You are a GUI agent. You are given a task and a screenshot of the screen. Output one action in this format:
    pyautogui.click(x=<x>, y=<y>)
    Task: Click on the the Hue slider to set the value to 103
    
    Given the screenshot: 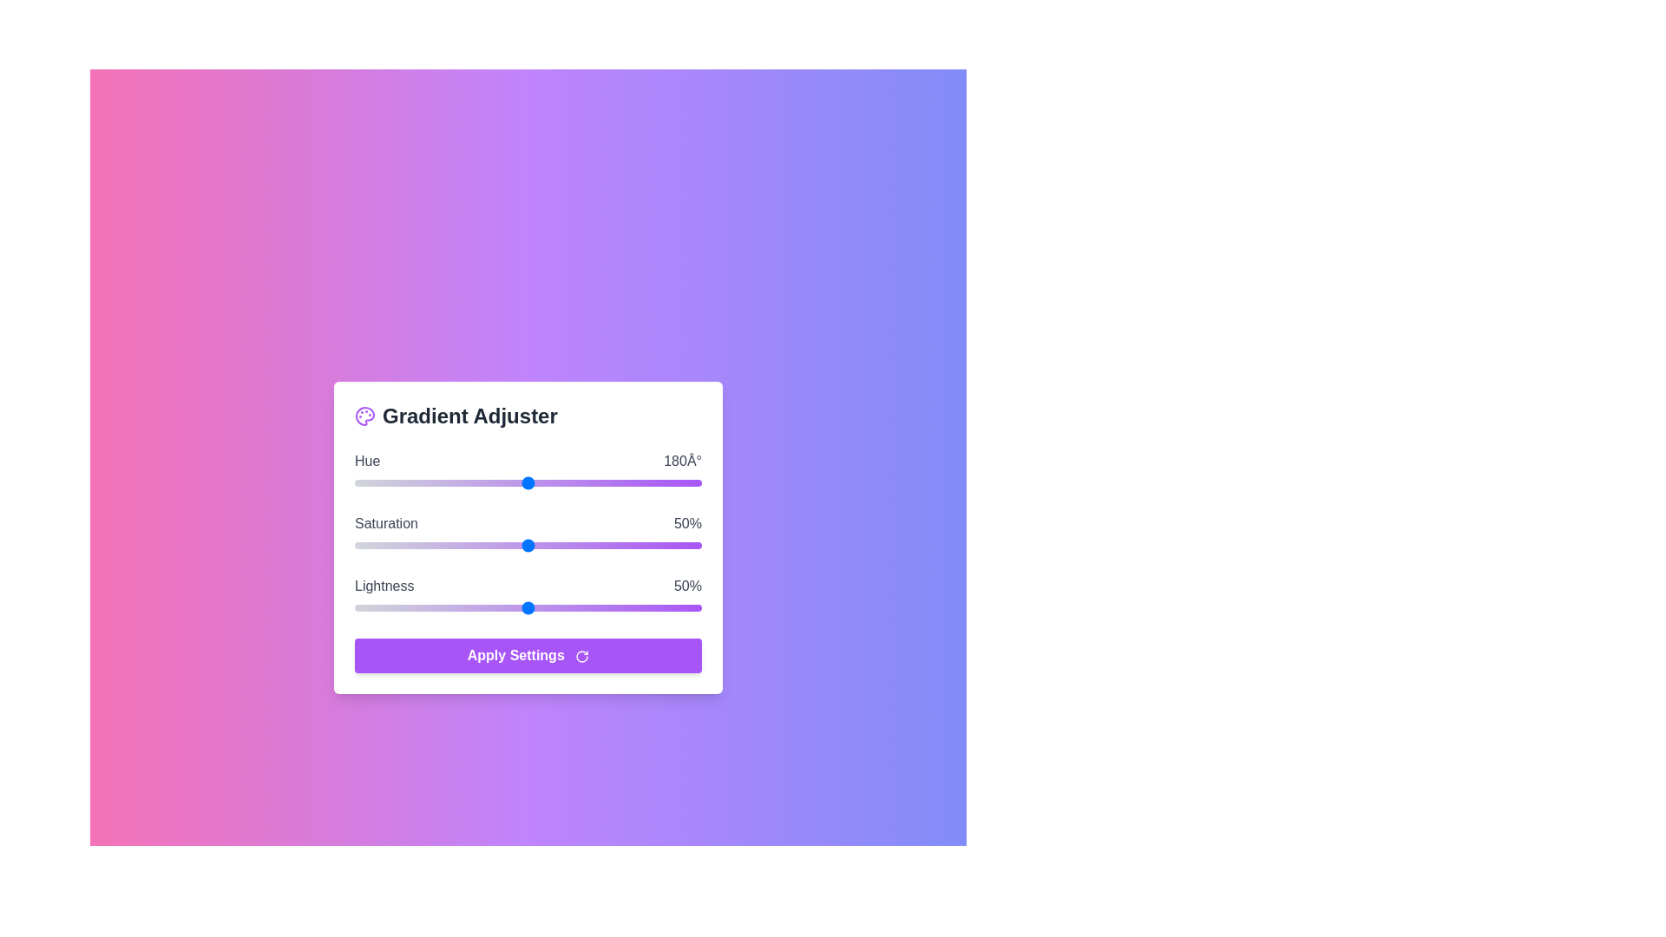 What is the action you would take?
    pyautogui.click(x=454, y=482)
    